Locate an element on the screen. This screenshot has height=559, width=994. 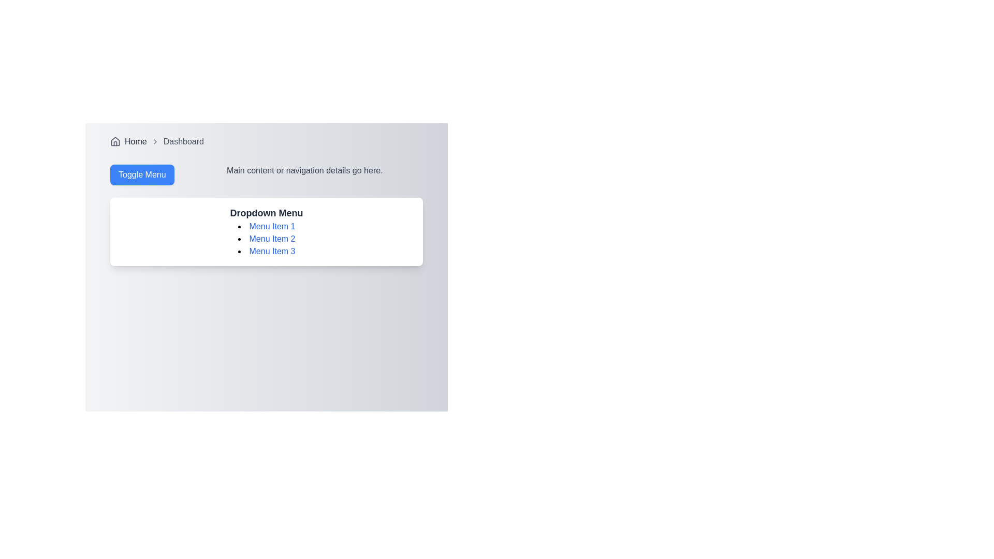
the 'Home' textual link in the breadcrumb navigation is located at coordinates (135, 141).